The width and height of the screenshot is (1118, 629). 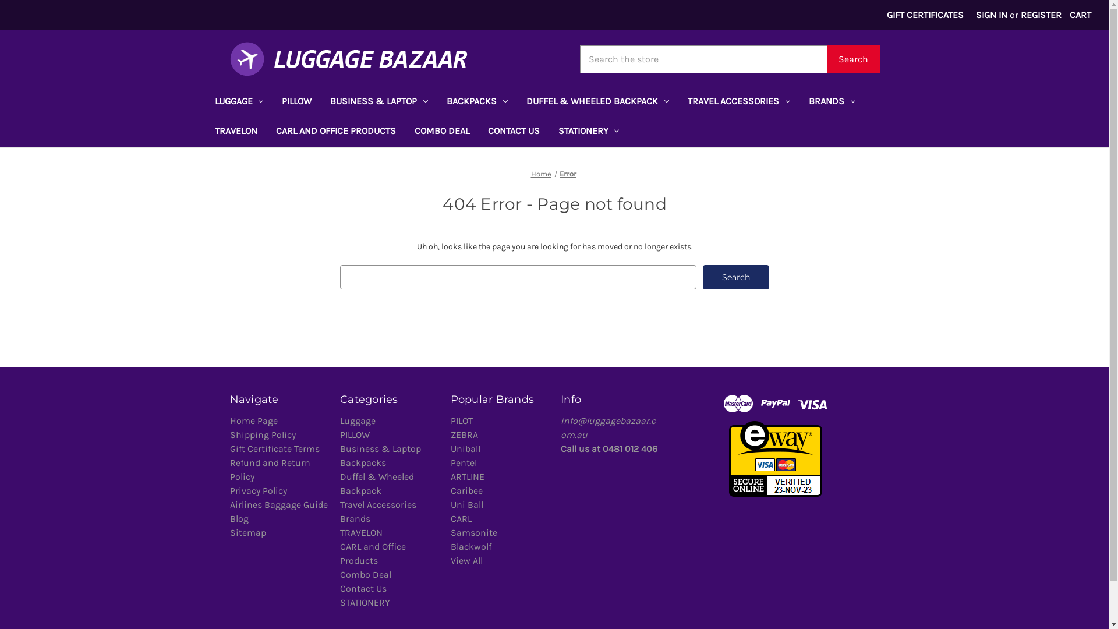 I want to click on 'CARL AND OFFICE PRODUCTS', so click(x=335, y=132).